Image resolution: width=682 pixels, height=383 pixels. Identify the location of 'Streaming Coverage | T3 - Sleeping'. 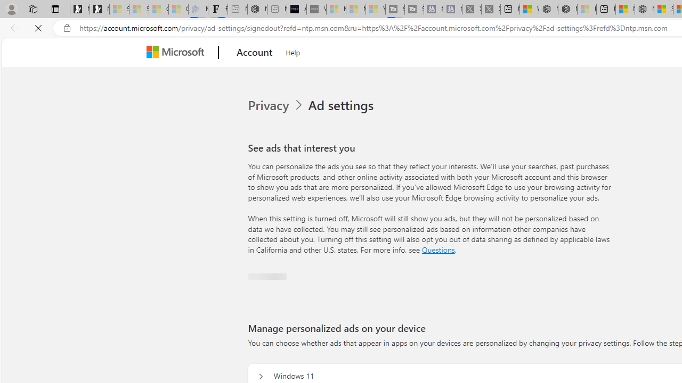
(394, 9).